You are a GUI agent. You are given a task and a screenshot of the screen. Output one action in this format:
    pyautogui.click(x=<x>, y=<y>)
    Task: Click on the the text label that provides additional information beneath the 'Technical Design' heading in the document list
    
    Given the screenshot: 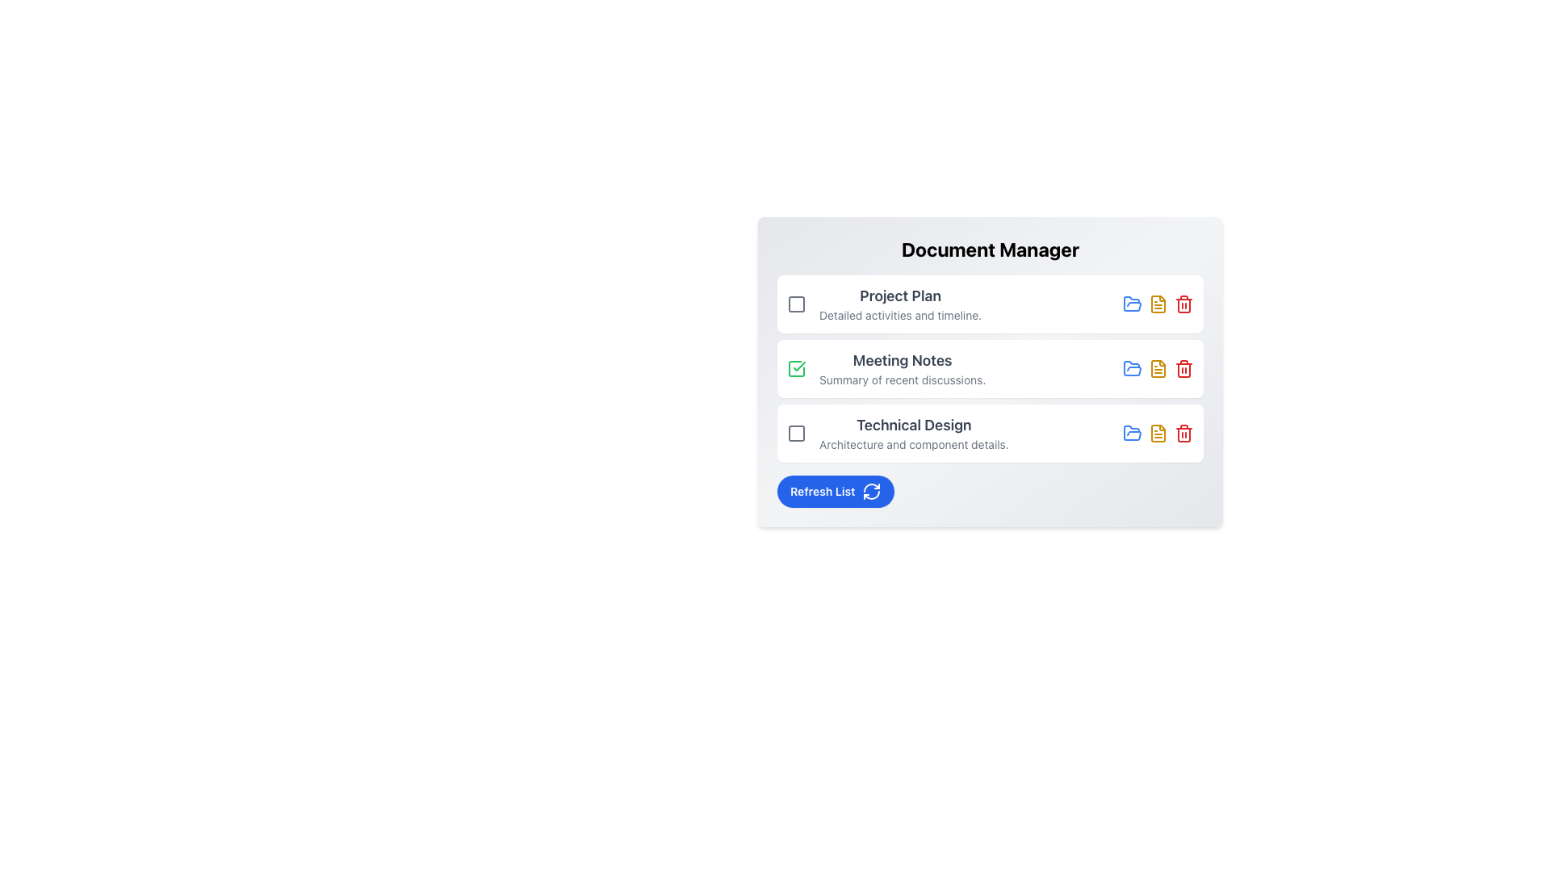 What is the action you would take?
    pyautogui.click(x=914, y=445)
    